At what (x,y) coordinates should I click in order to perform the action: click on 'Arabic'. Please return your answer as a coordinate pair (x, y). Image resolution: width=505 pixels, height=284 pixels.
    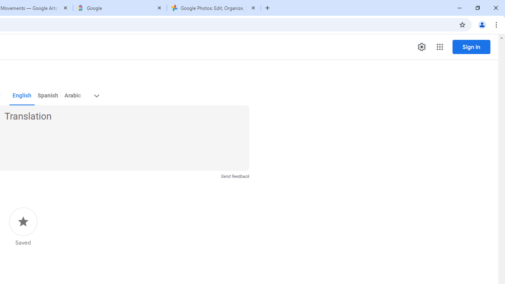
    Looking at the image, I should click on (72, 95).